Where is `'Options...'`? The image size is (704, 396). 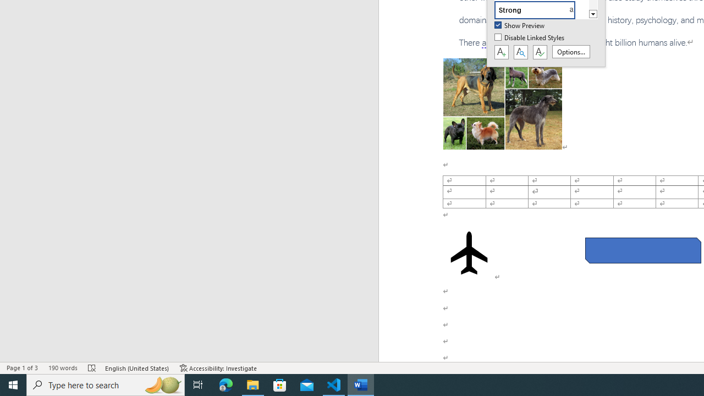 'Options...' is located at coordinates (571, 51).